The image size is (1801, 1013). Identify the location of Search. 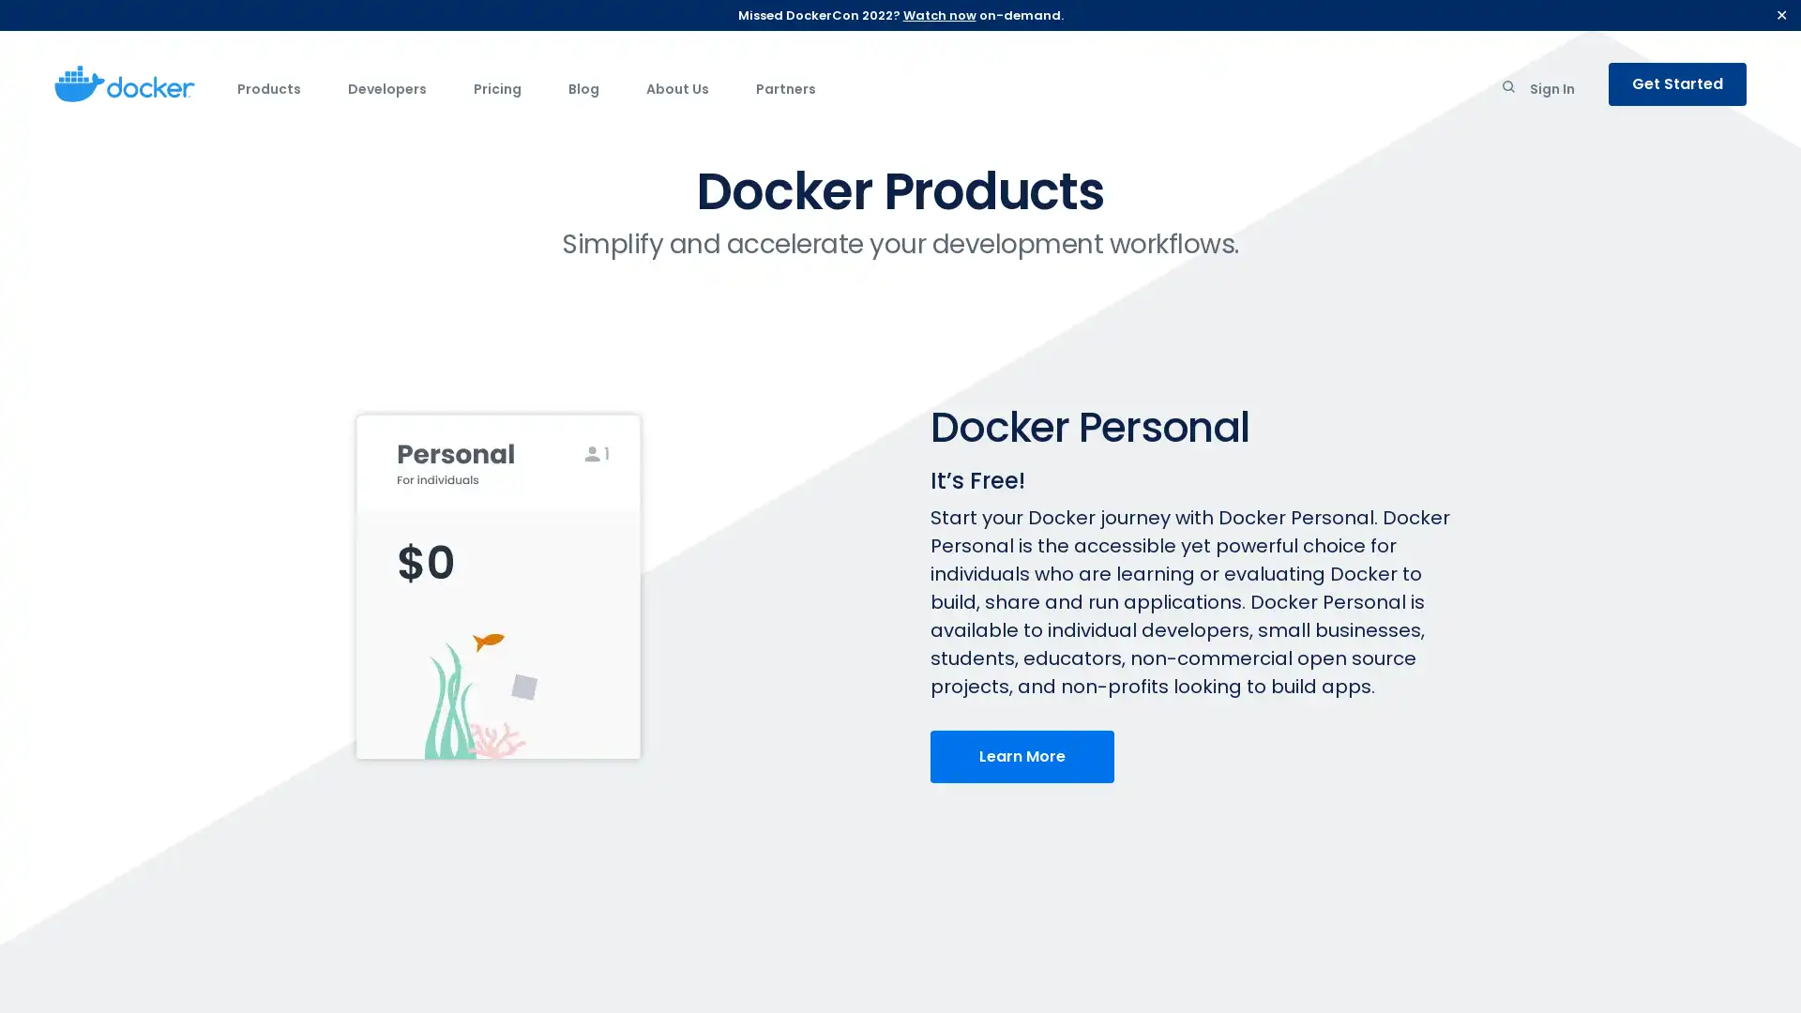
(1508, 90).